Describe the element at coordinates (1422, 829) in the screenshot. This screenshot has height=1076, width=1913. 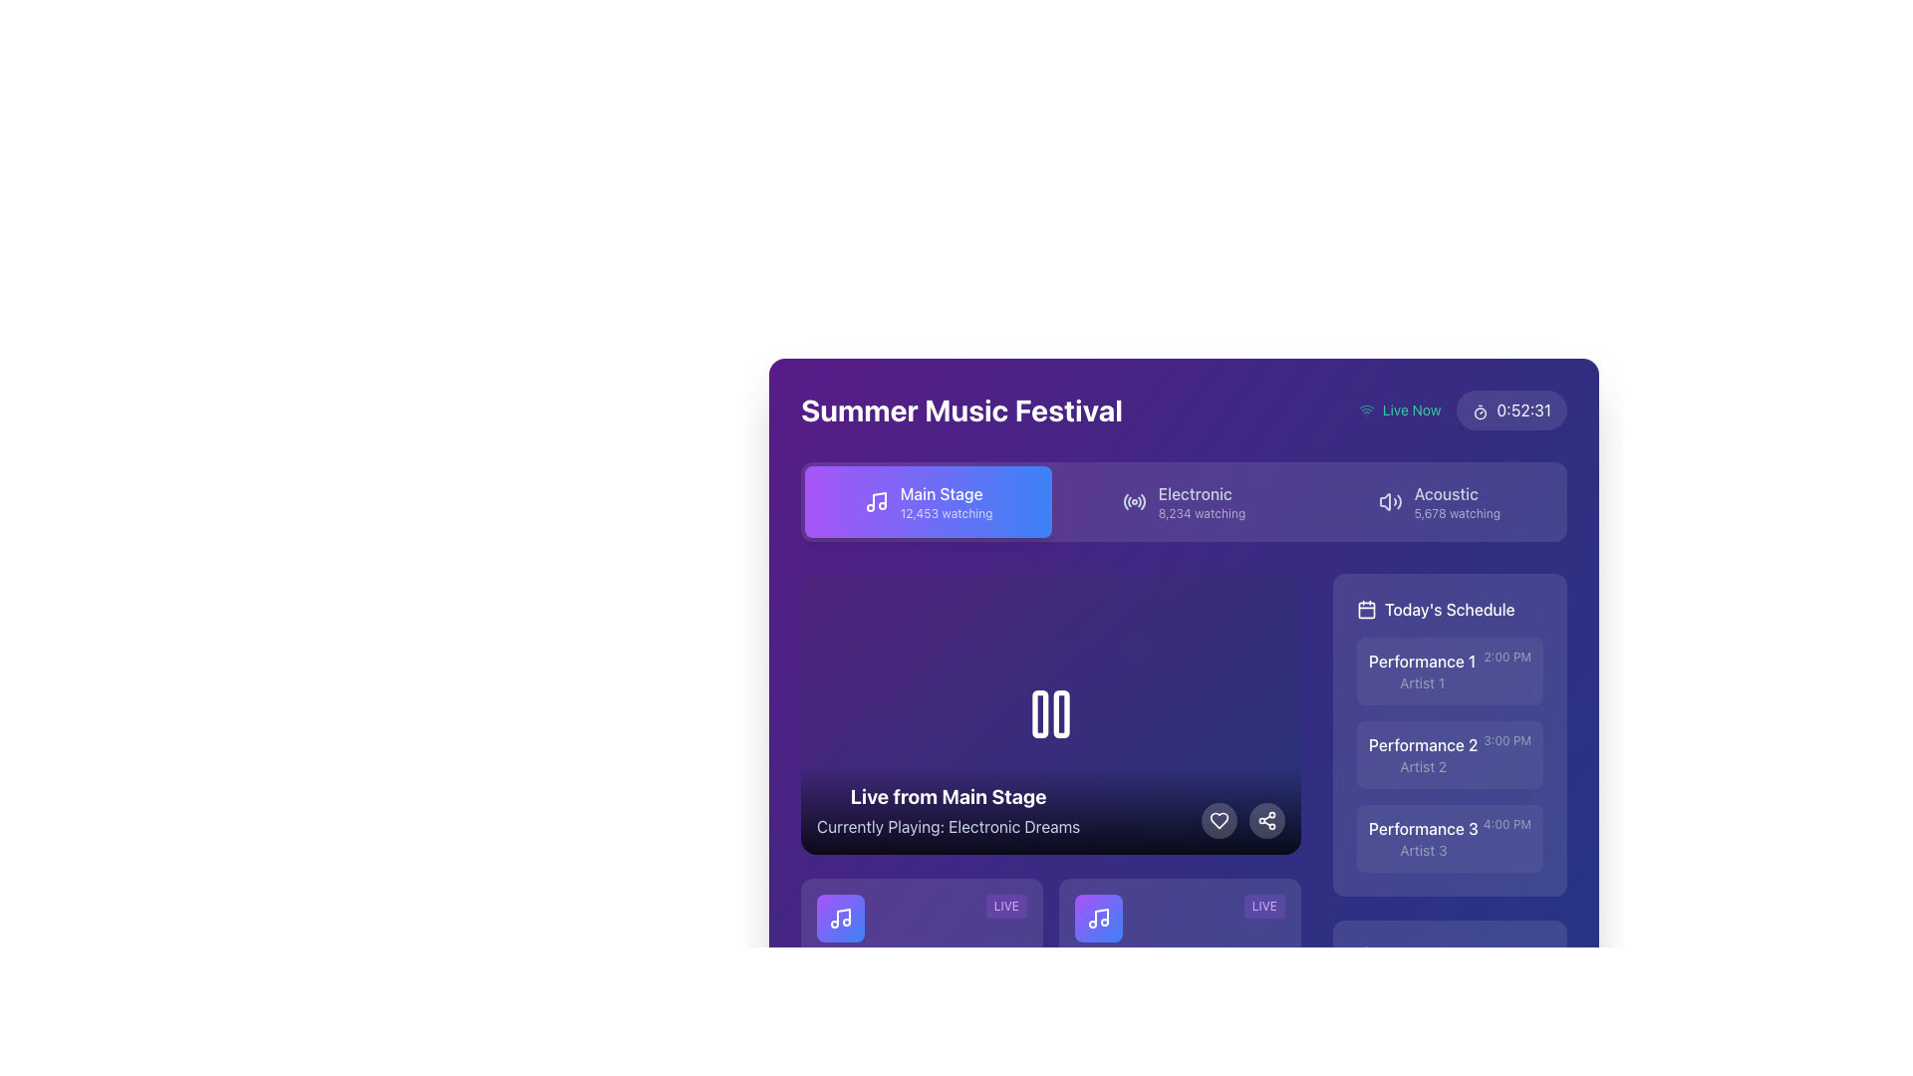
I see `the text label representing the name of a scheduled performance located in the lower-right section of the 'Today's Schedule' panel, positioned above 'Artist 3'` at that location.